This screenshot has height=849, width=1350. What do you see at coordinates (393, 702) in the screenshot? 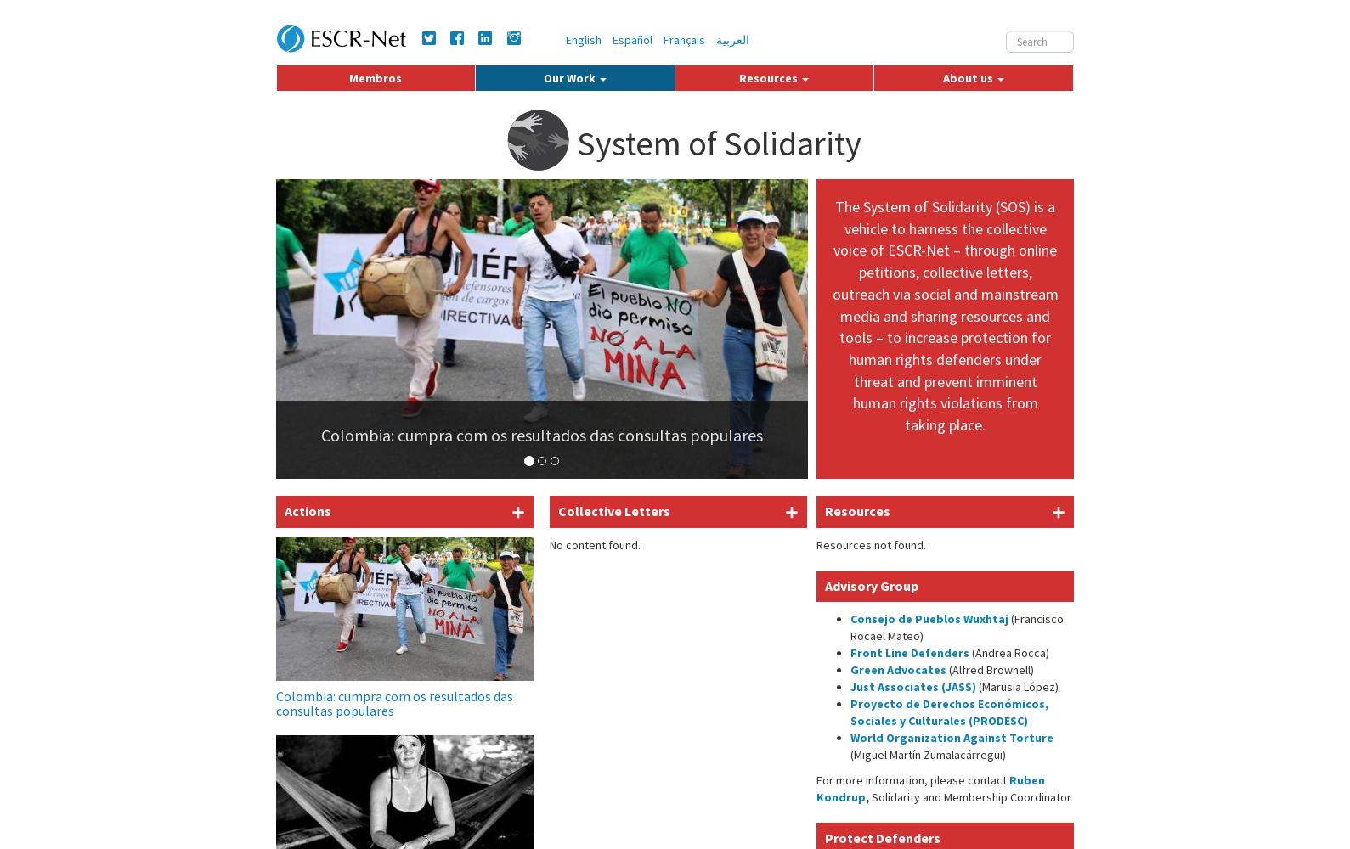
I see `'Colombia: cumpra com os resultados das consultas populares'` at bounding box center [393, 702].